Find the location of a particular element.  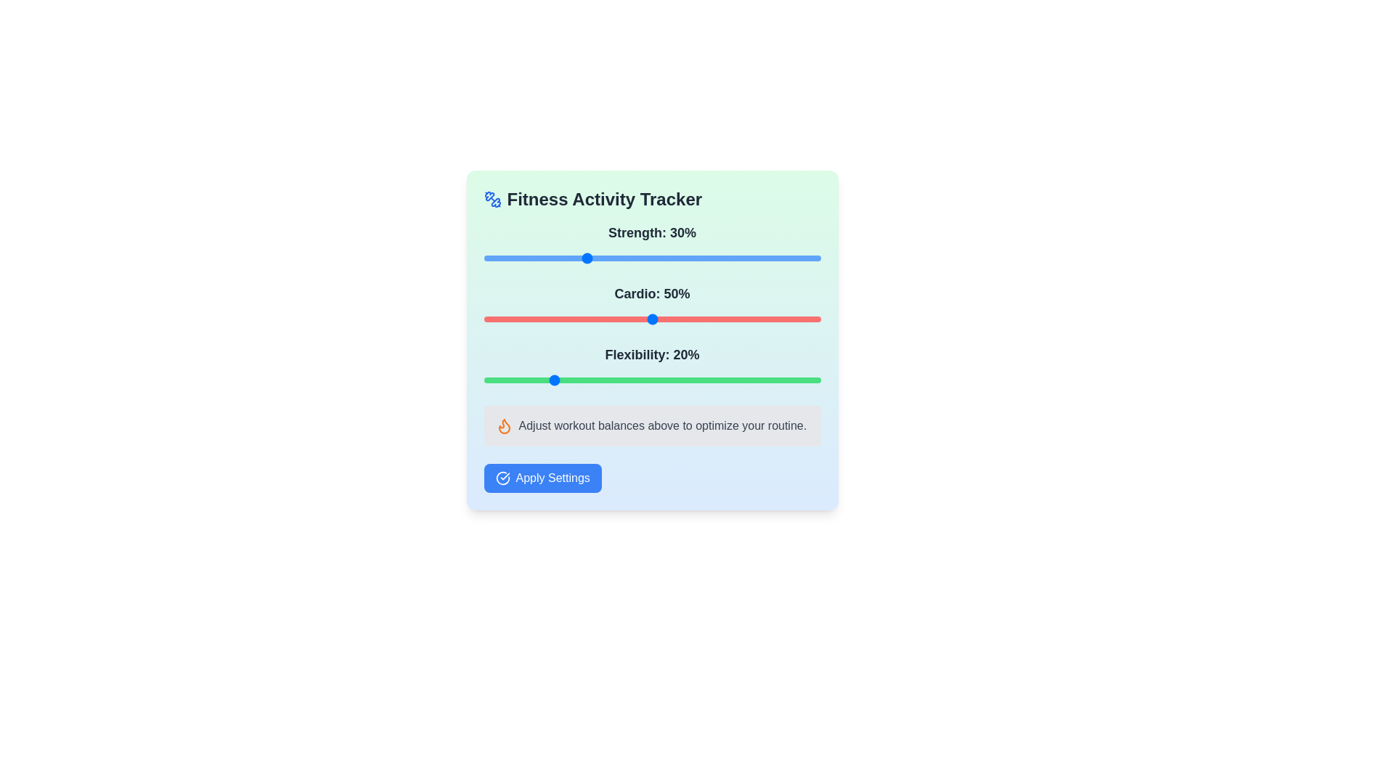

the text label indicating the current strength percentage value in the fitness tracker interface, located at the top of the 'Strength' tracking section is located at coordinates (651, 232).